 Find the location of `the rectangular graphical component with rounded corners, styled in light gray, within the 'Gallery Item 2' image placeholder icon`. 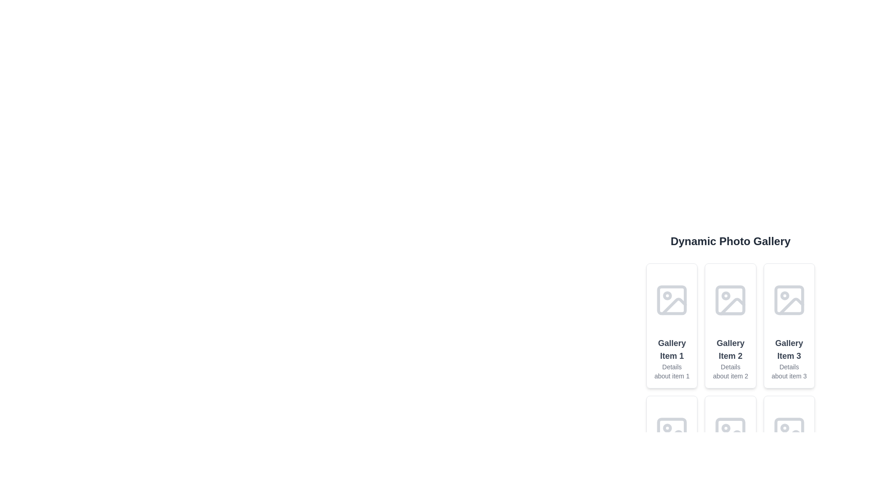

the rectangular graphical component with rounded corners, styled in light gray, within the 'Gallery Item 2' image placeholder icon is located at coordinates (730, 300).